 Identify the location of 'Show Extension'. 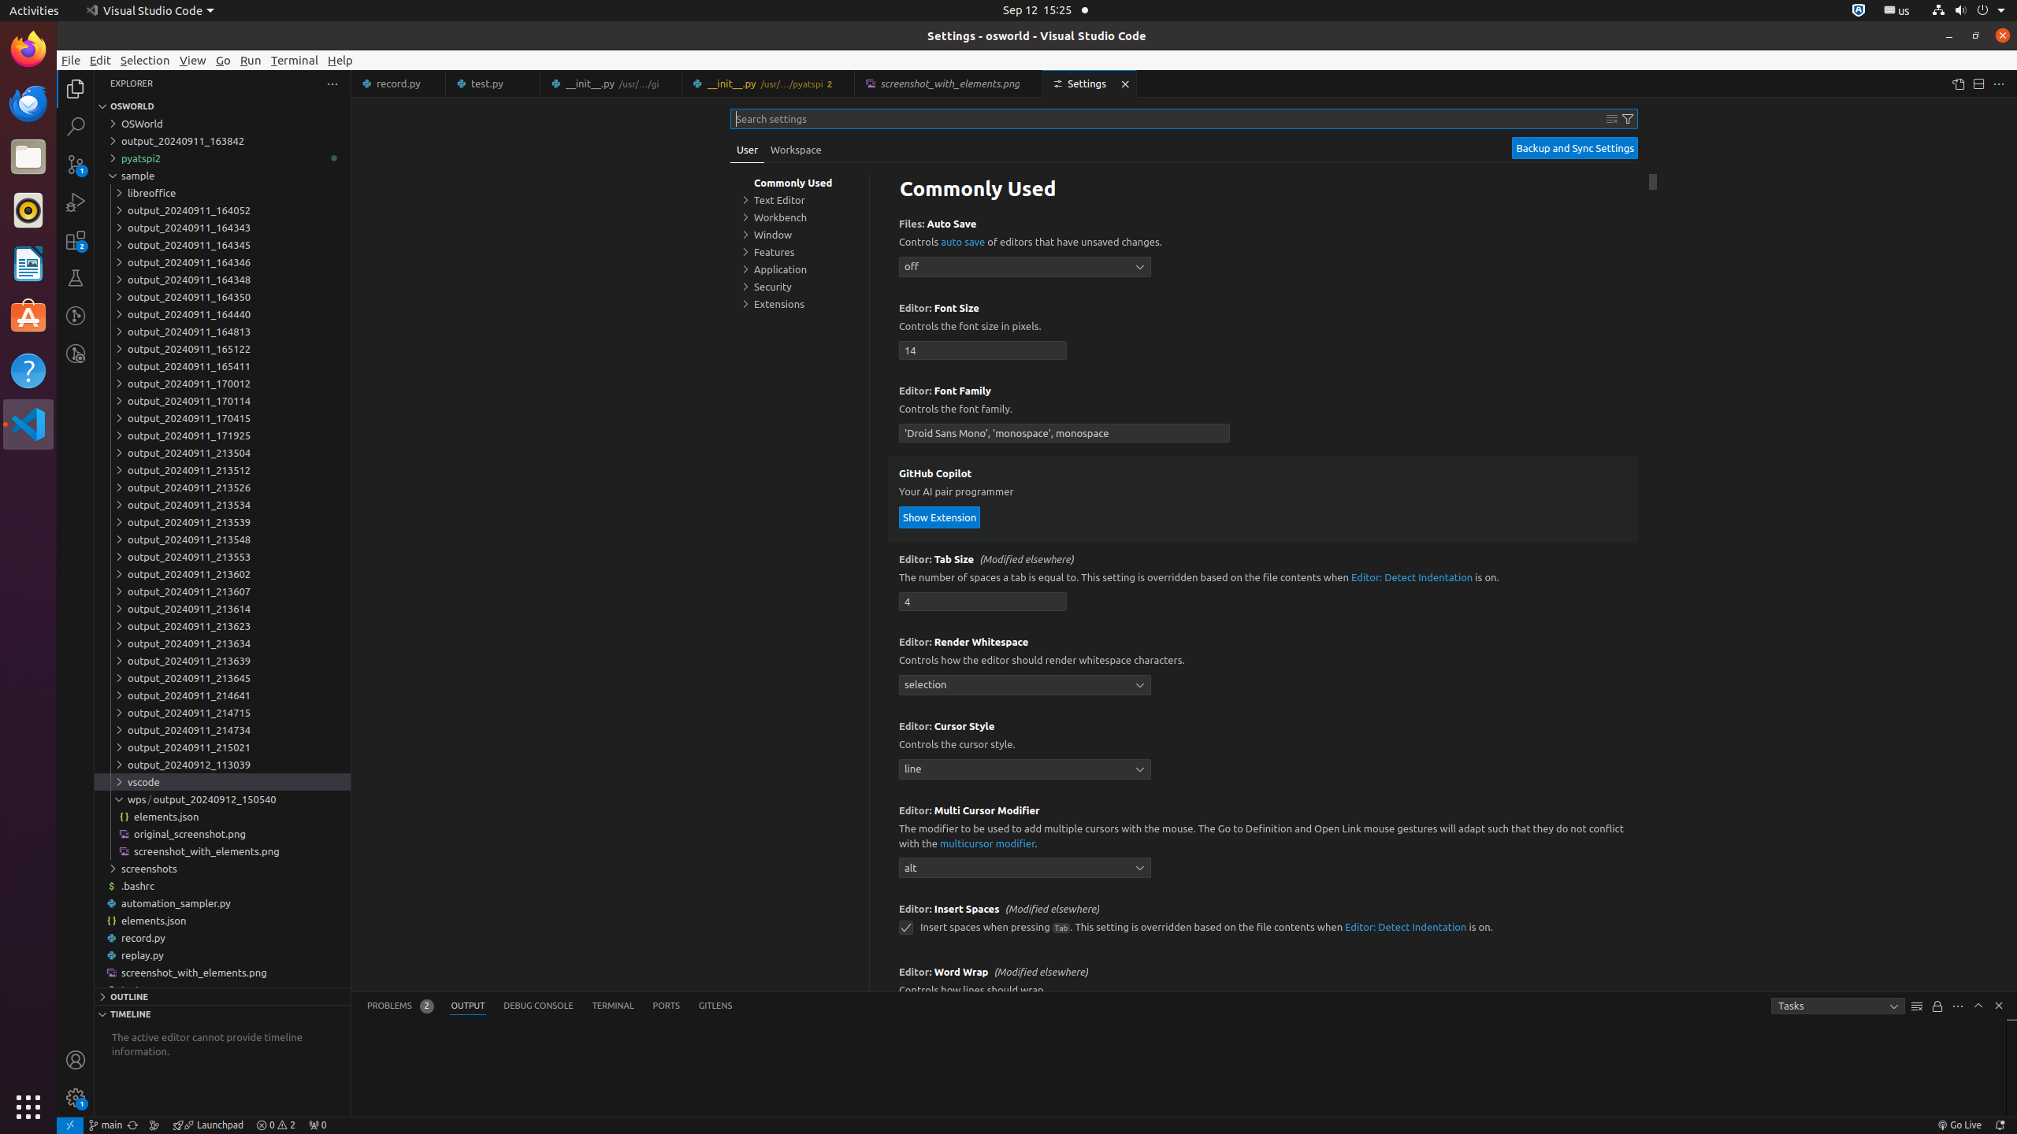
(938, 516).